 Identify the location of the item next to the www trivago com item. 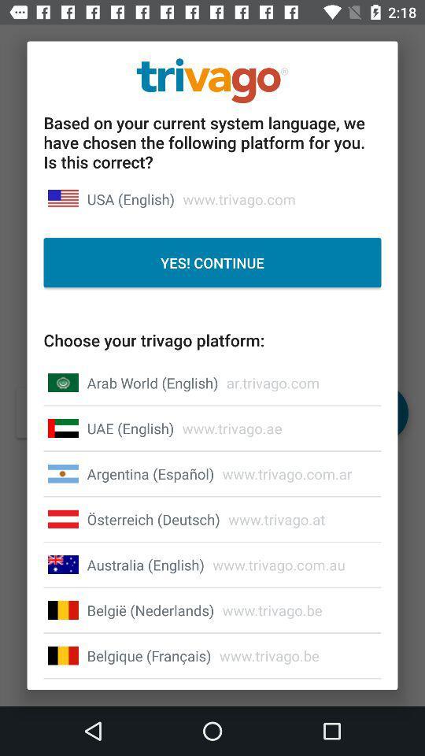
(146, 565).